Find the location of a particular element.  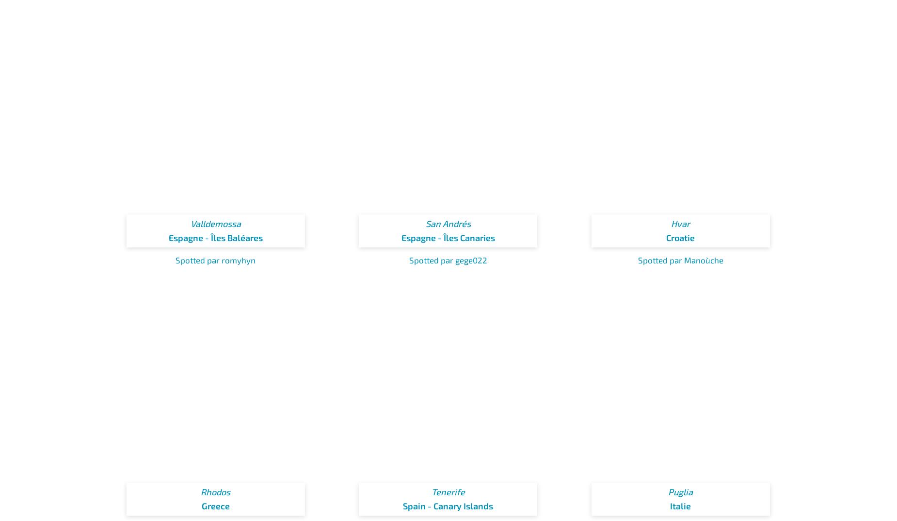

'Spotted par gege022' is located at coordinates (448, 260).